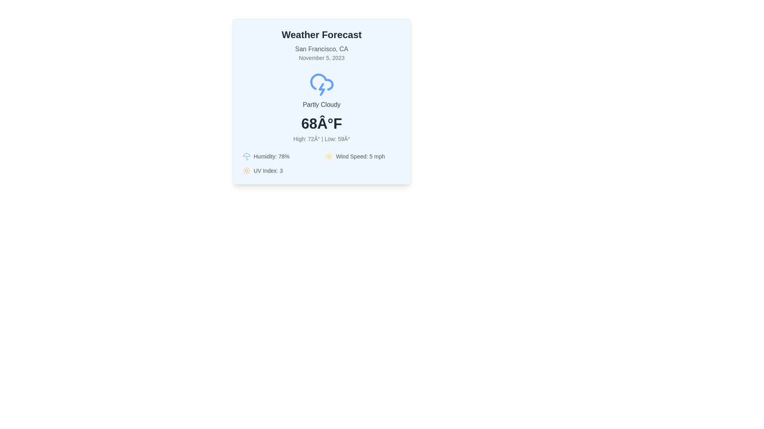 This screenshot has height=429, width=764. I want to click on the umbrella icon, which is a blue outline-style drawing located in the bottom-left quadrant of the card, adjacent to the text 'Humidity: 78%.', so click(246, 156).